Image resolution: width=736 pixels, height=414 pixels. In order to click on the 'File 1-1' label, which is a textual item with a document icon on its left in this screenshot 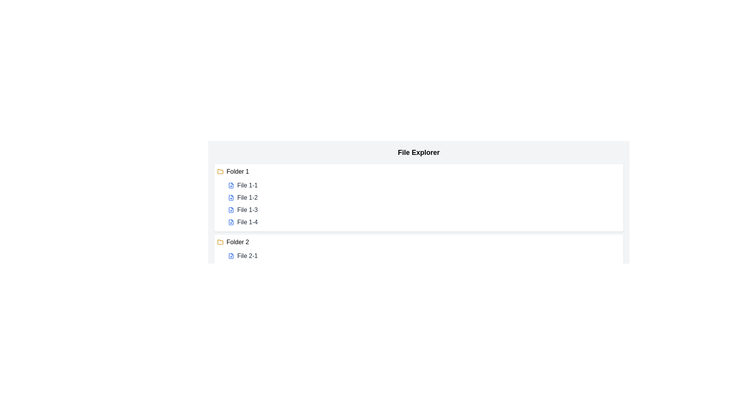, I will do `click(247, 185)`.